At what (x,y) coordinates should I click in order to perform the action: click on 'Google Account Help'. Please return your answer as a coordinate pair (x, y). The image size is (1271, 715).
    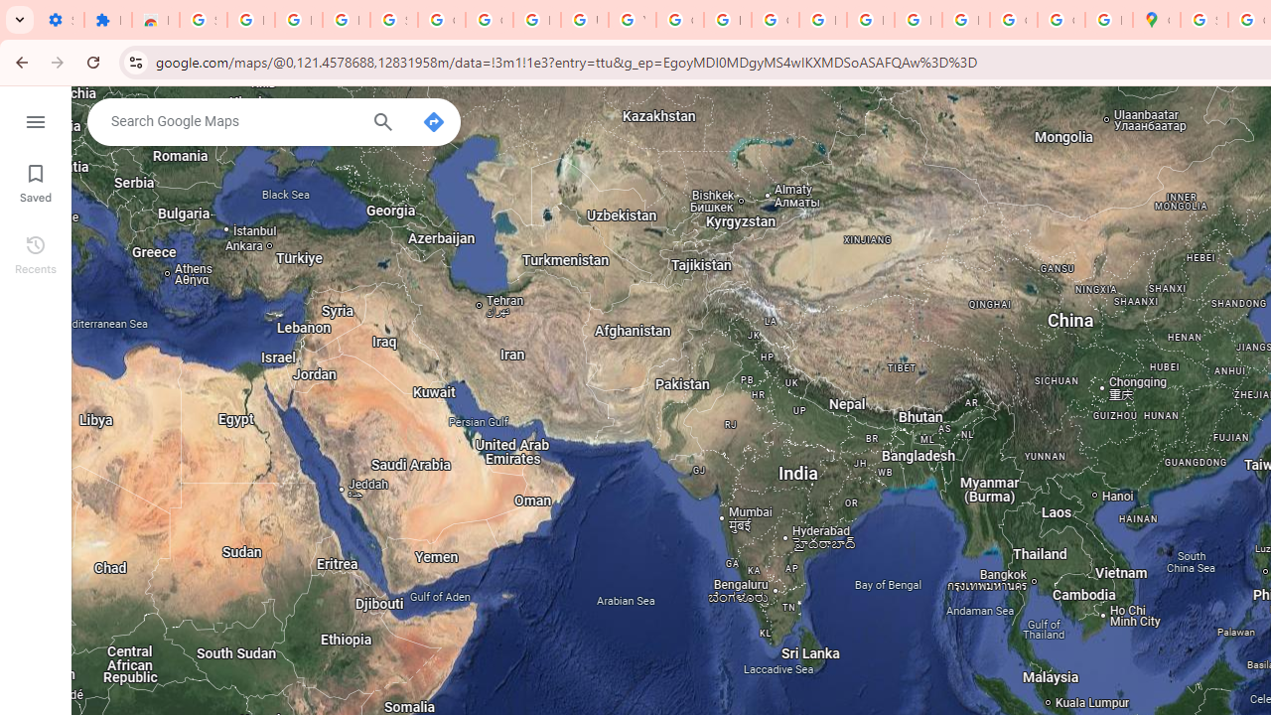
    Looking at the image, I should click on (440, 20).